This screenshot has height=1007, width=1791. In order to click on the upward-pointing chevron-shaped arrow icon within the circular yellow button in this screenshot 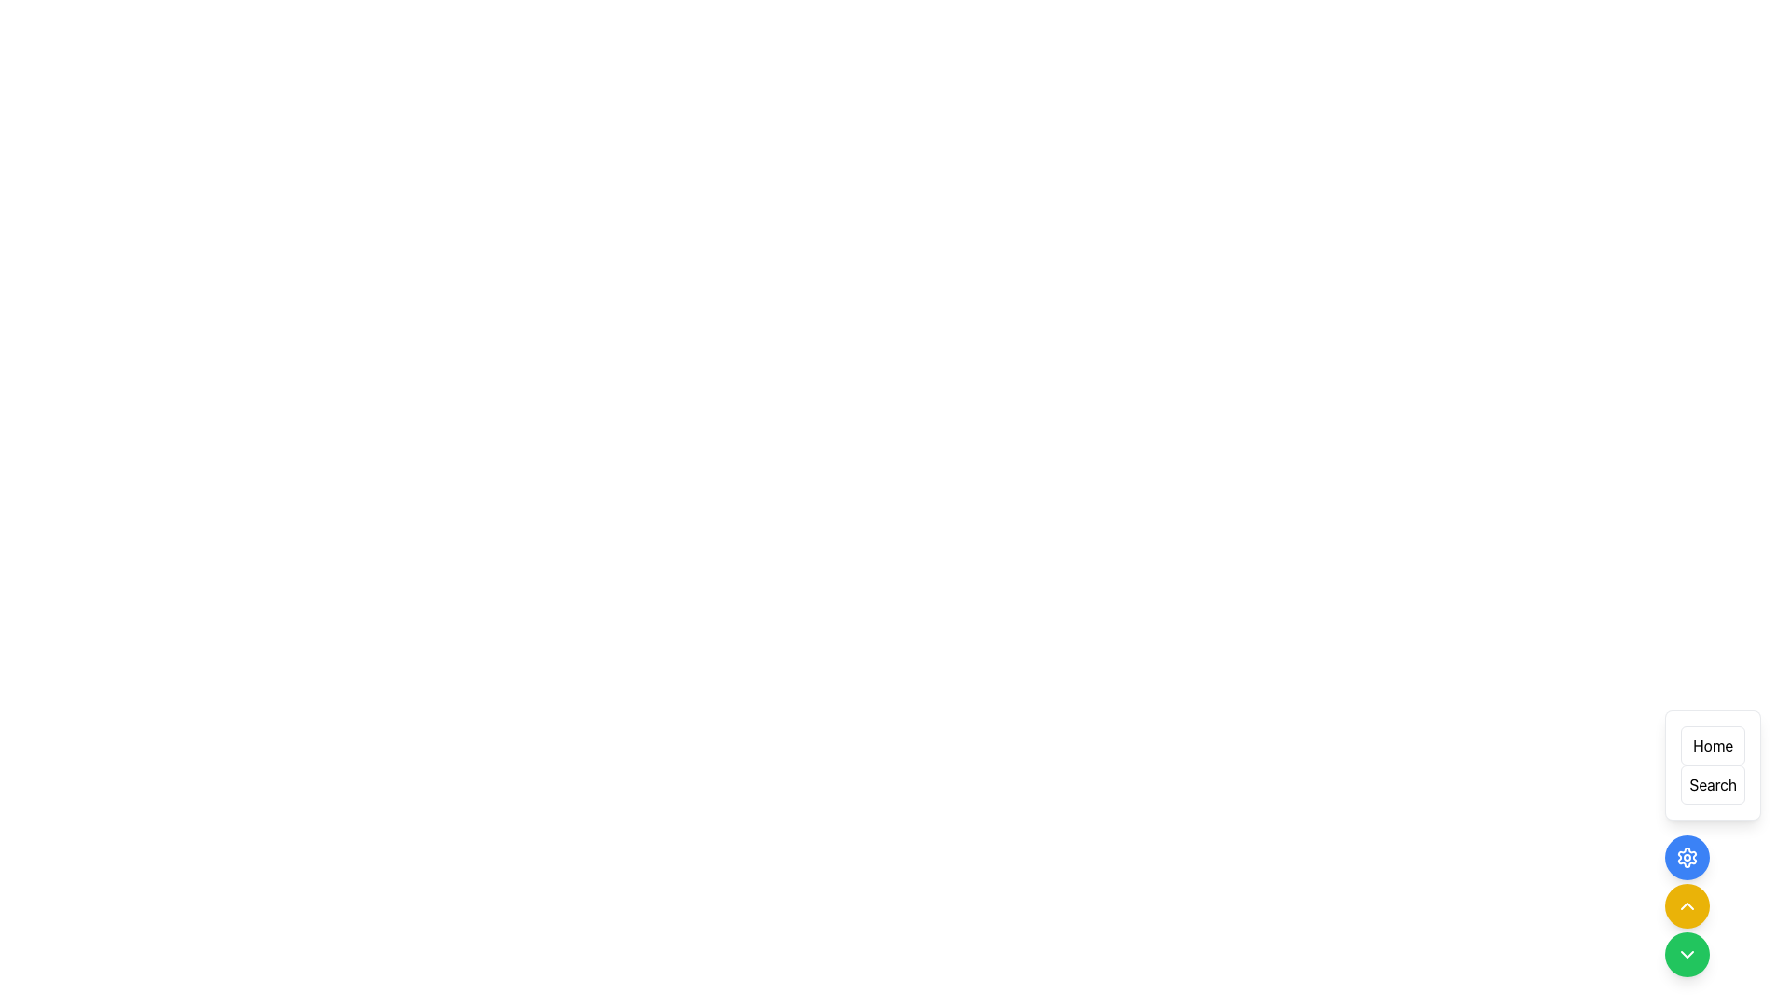, I will do `click(1687, 905)`.